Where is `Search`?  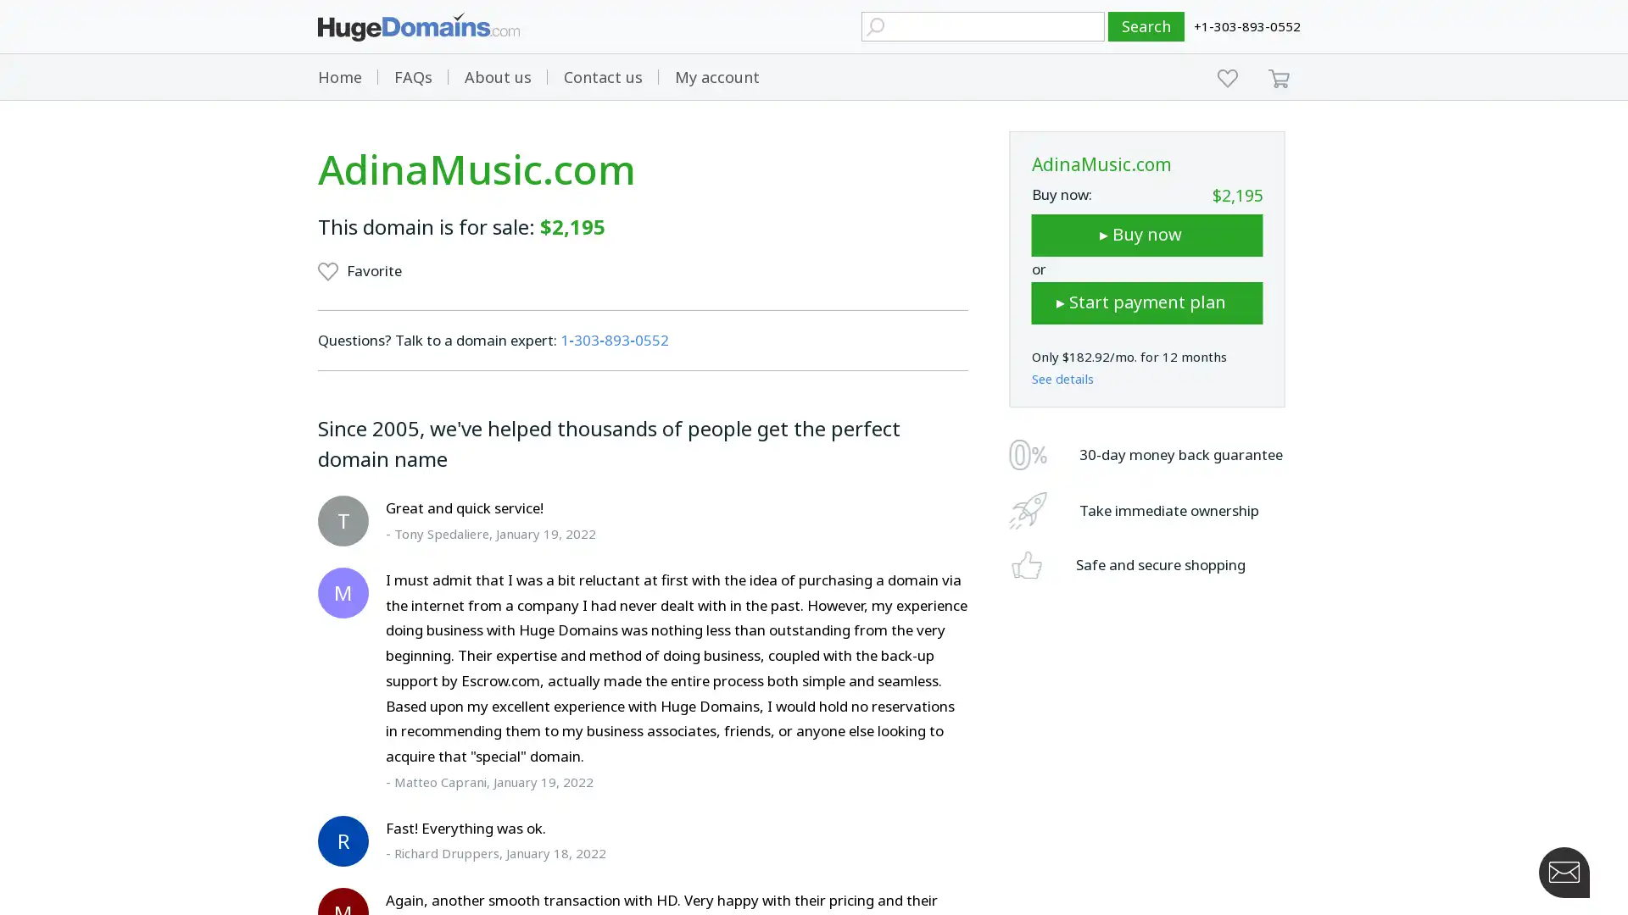 Search is located at coordinates (1146, 26).